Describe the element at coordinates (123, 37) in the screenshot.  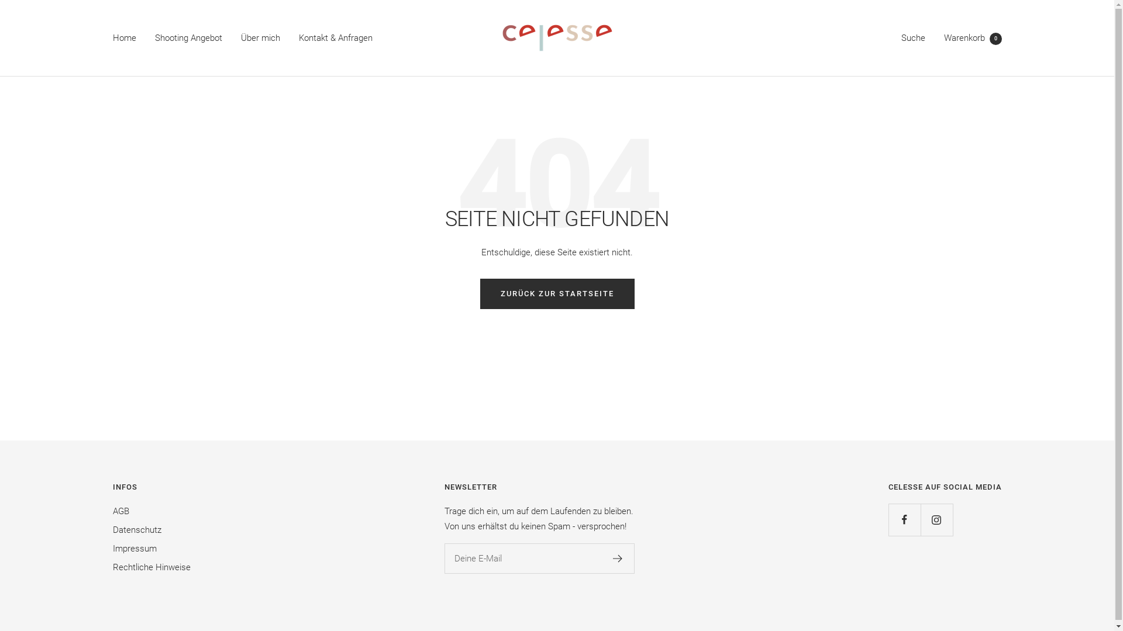
I see `'Home'` at that location.